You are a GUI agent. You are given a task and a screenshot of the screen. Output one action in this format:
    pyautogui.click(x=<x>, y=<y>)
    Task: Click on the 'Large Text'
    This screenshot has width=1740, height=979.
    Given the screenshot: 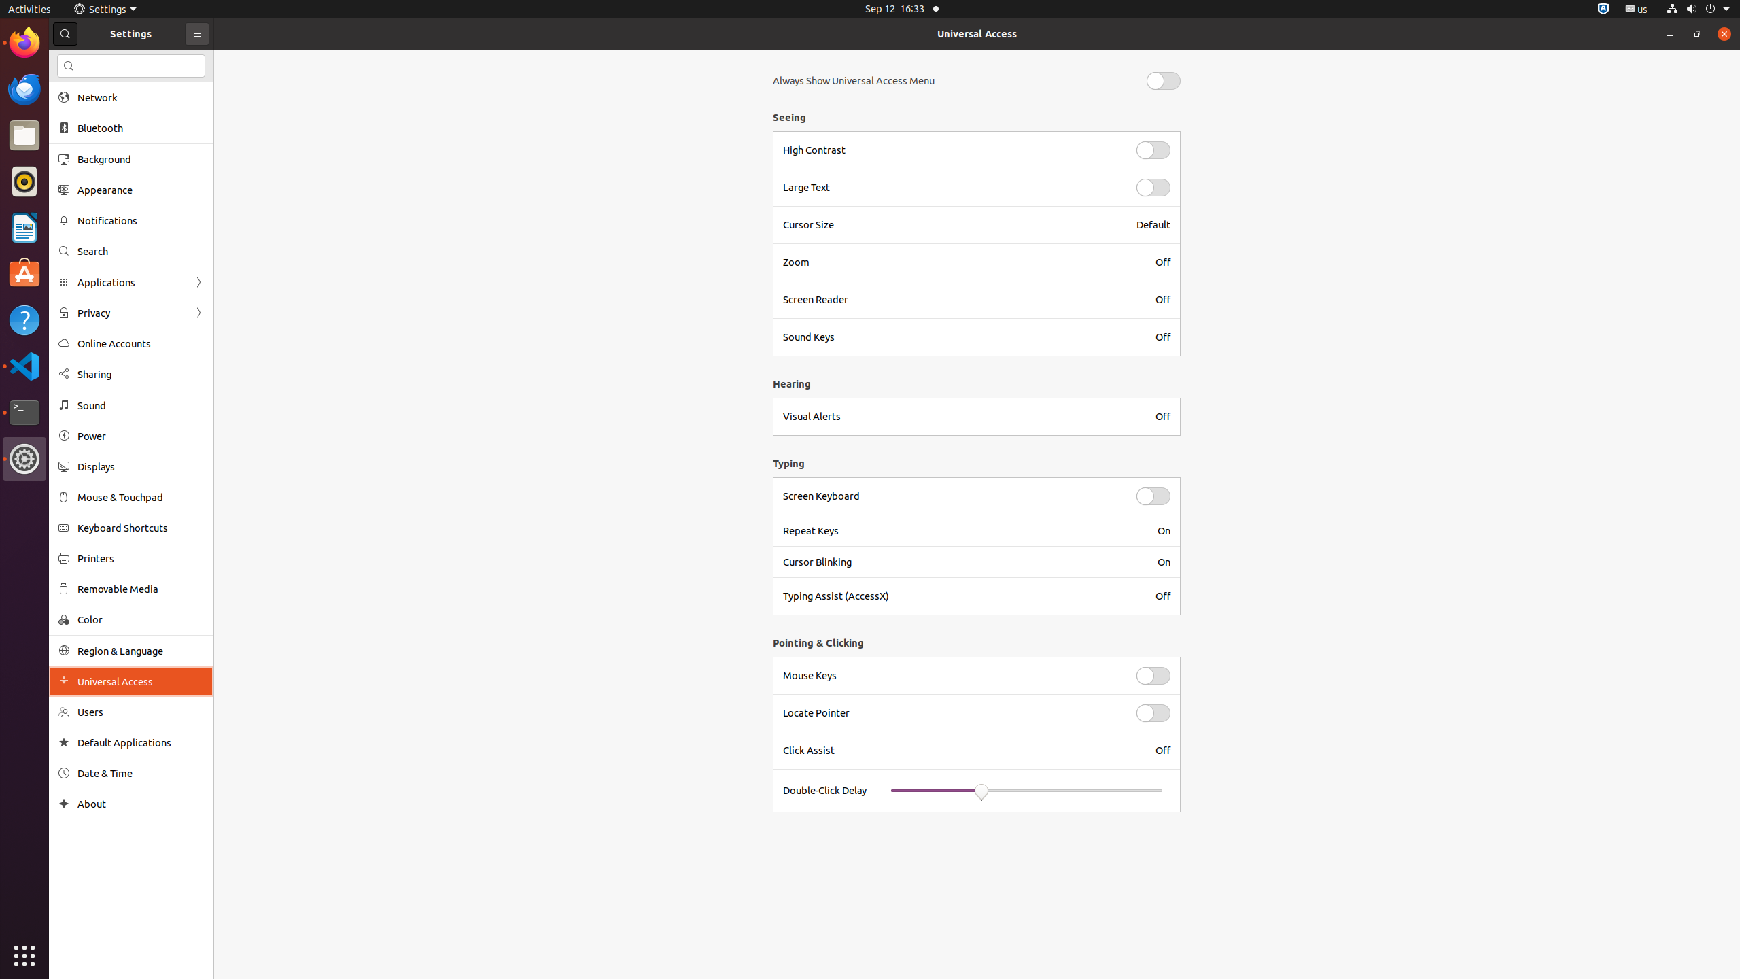 What is the action you would take?
    pyautogui.click(x=951, y=187)
    